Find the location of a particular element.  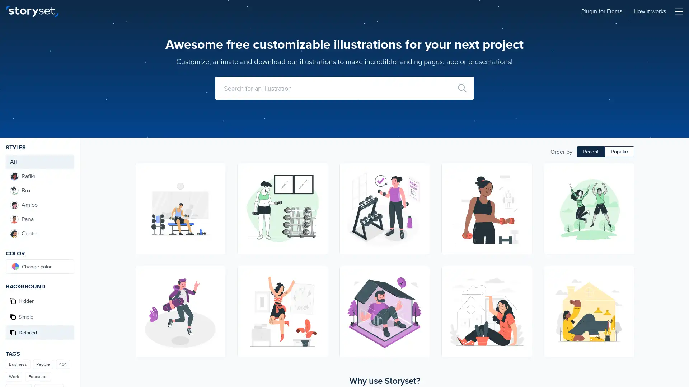

download icon Download is located at coordinates (318, 185).